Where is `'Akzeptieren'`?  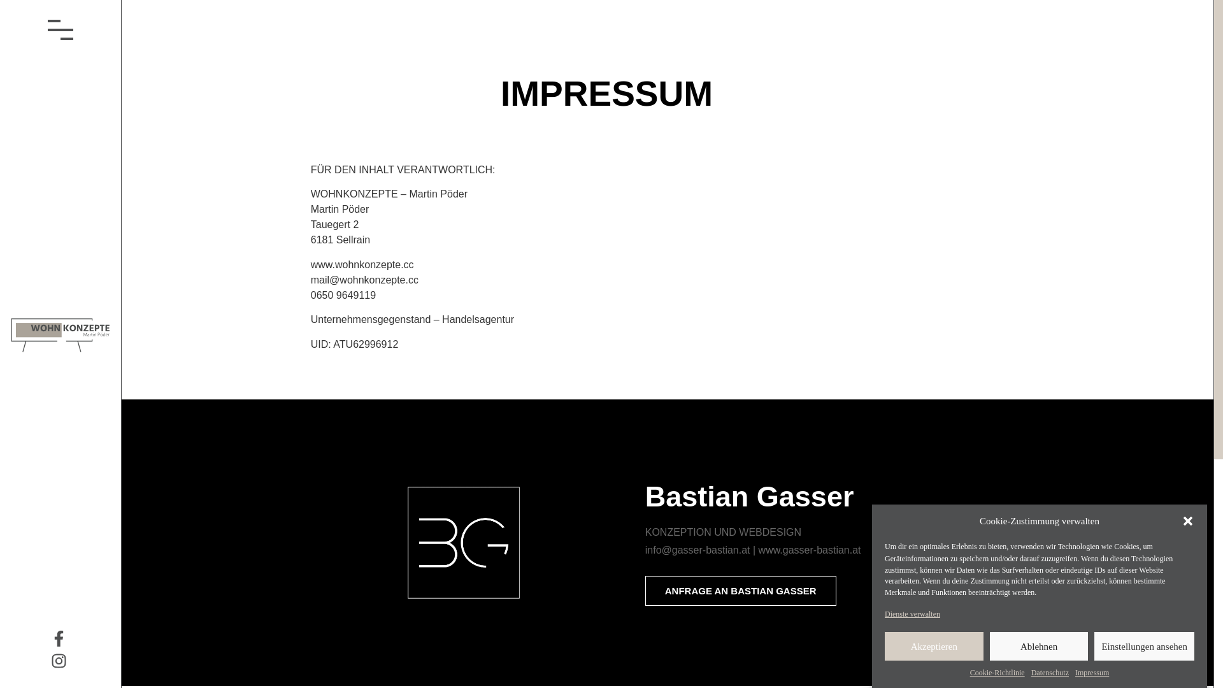
'Akzeptieren' is located at coordinates (934, 646).